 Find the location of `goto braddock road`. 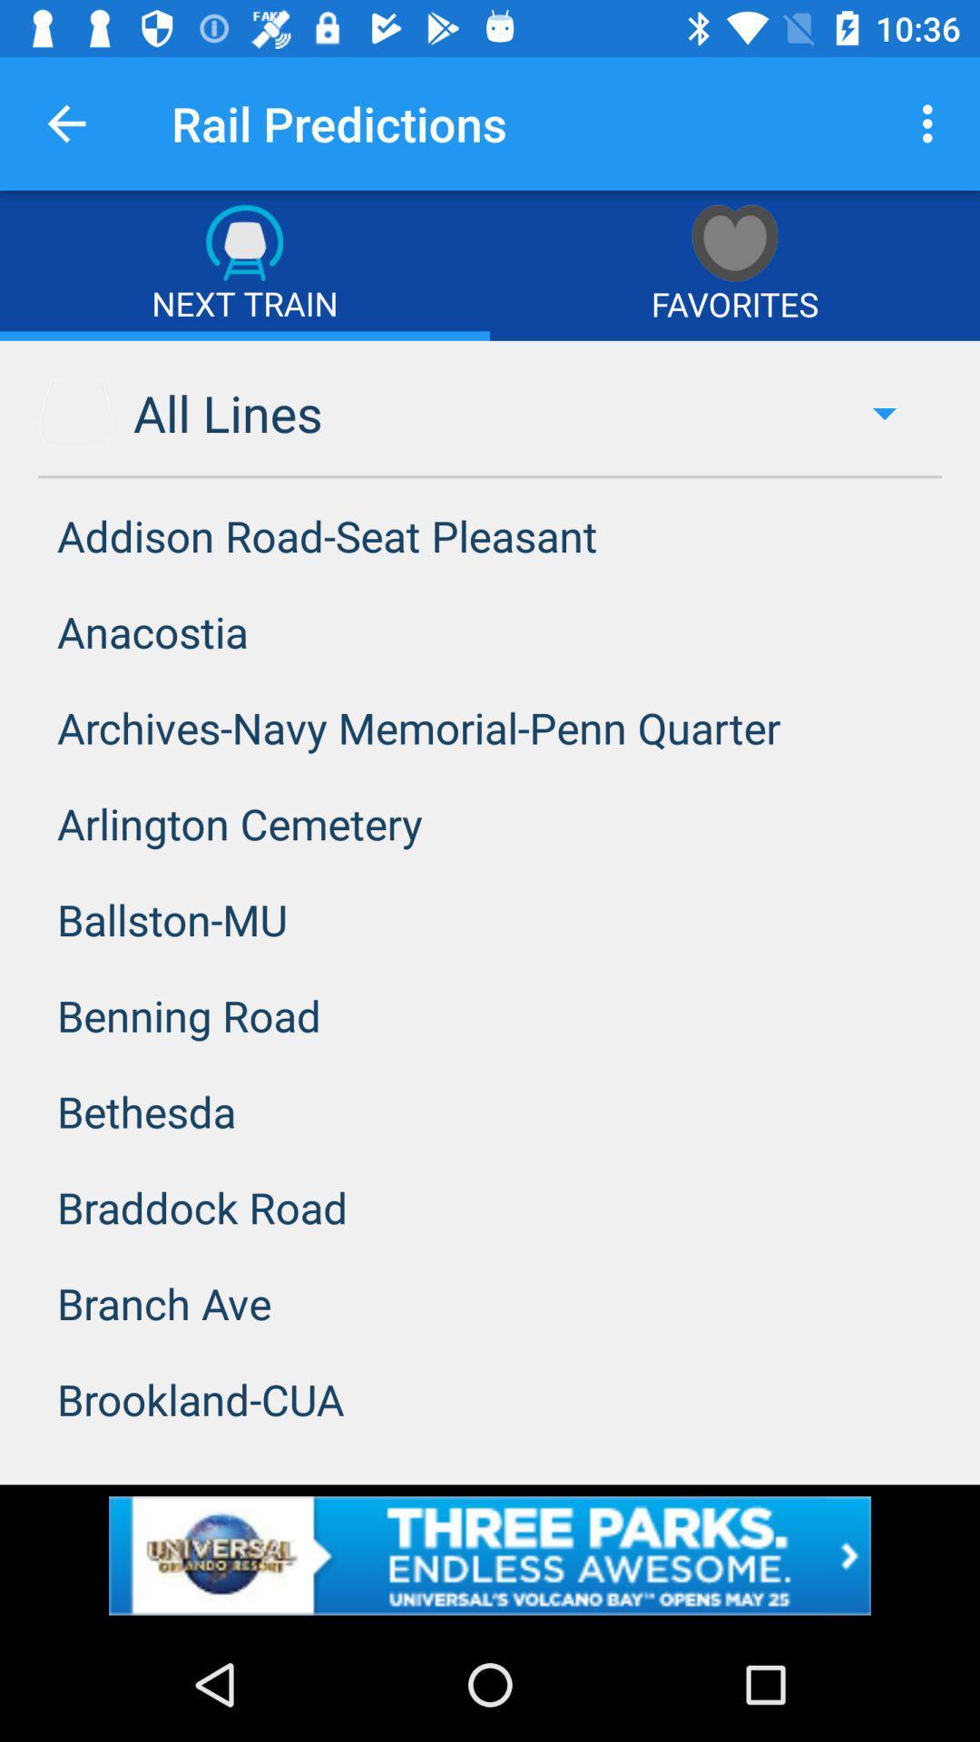

goto braddock road is located at coordinates (490, 1207).